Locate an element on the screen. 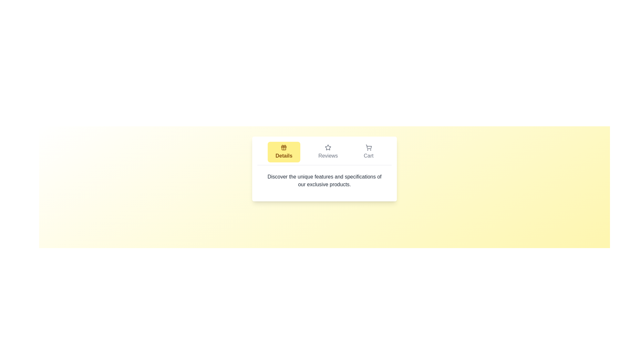 The image size is (620, 348). the Details tab by clicking on it is located at coordinates (284, 152).